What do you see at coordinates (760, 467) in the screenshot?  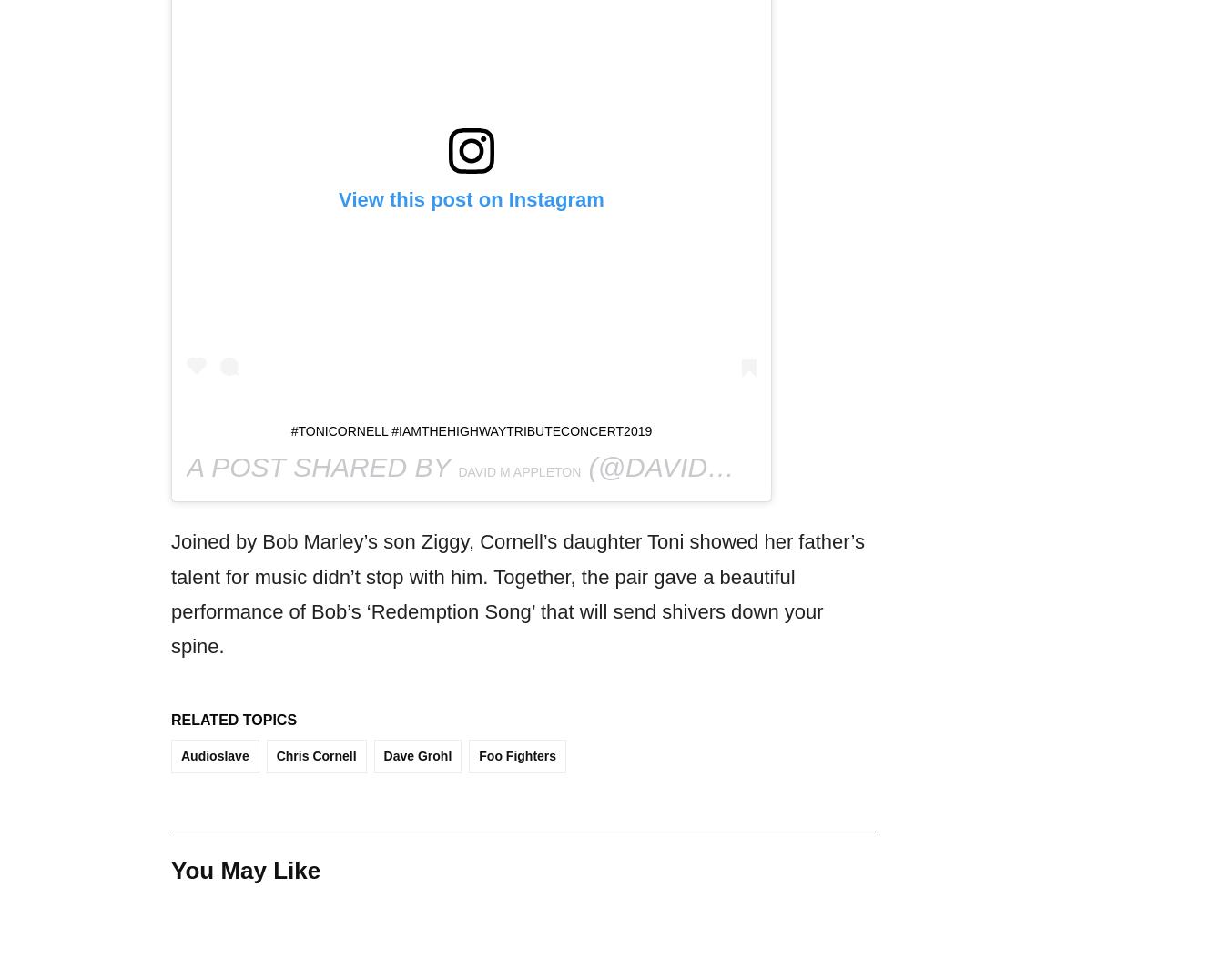 I see `'(@davidmappleton) on'` at bounding box center [760, 467].